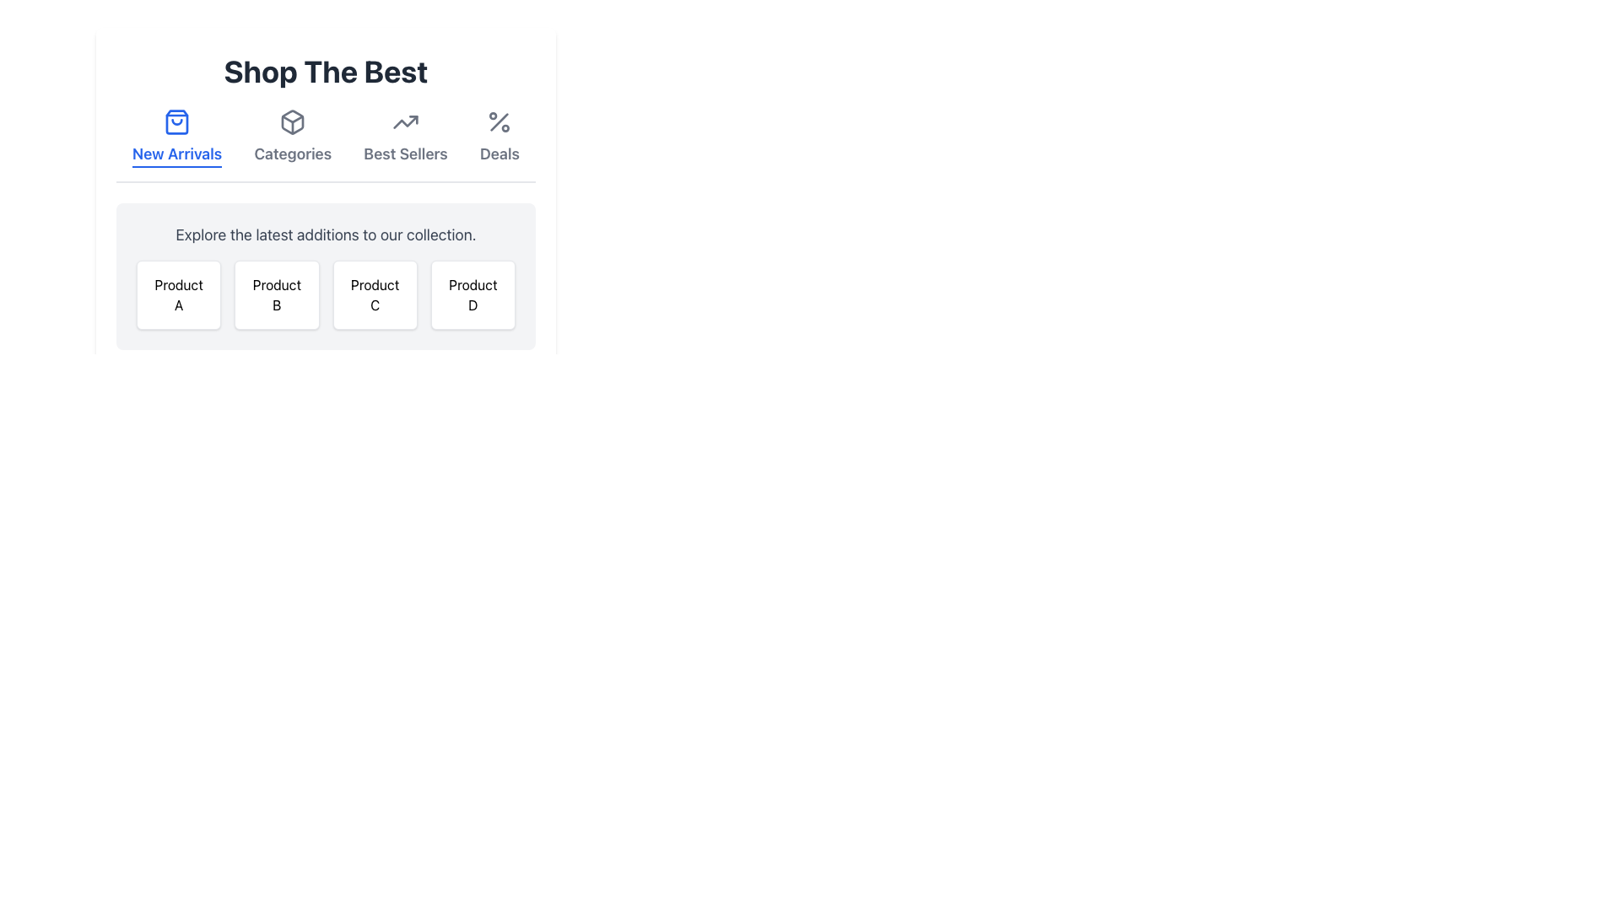  Describe the element at coordinates (499, 121) in the screenshot. I see `the 'Deals' navigation icon located at the top-right corner of the navigation menu` at that location.